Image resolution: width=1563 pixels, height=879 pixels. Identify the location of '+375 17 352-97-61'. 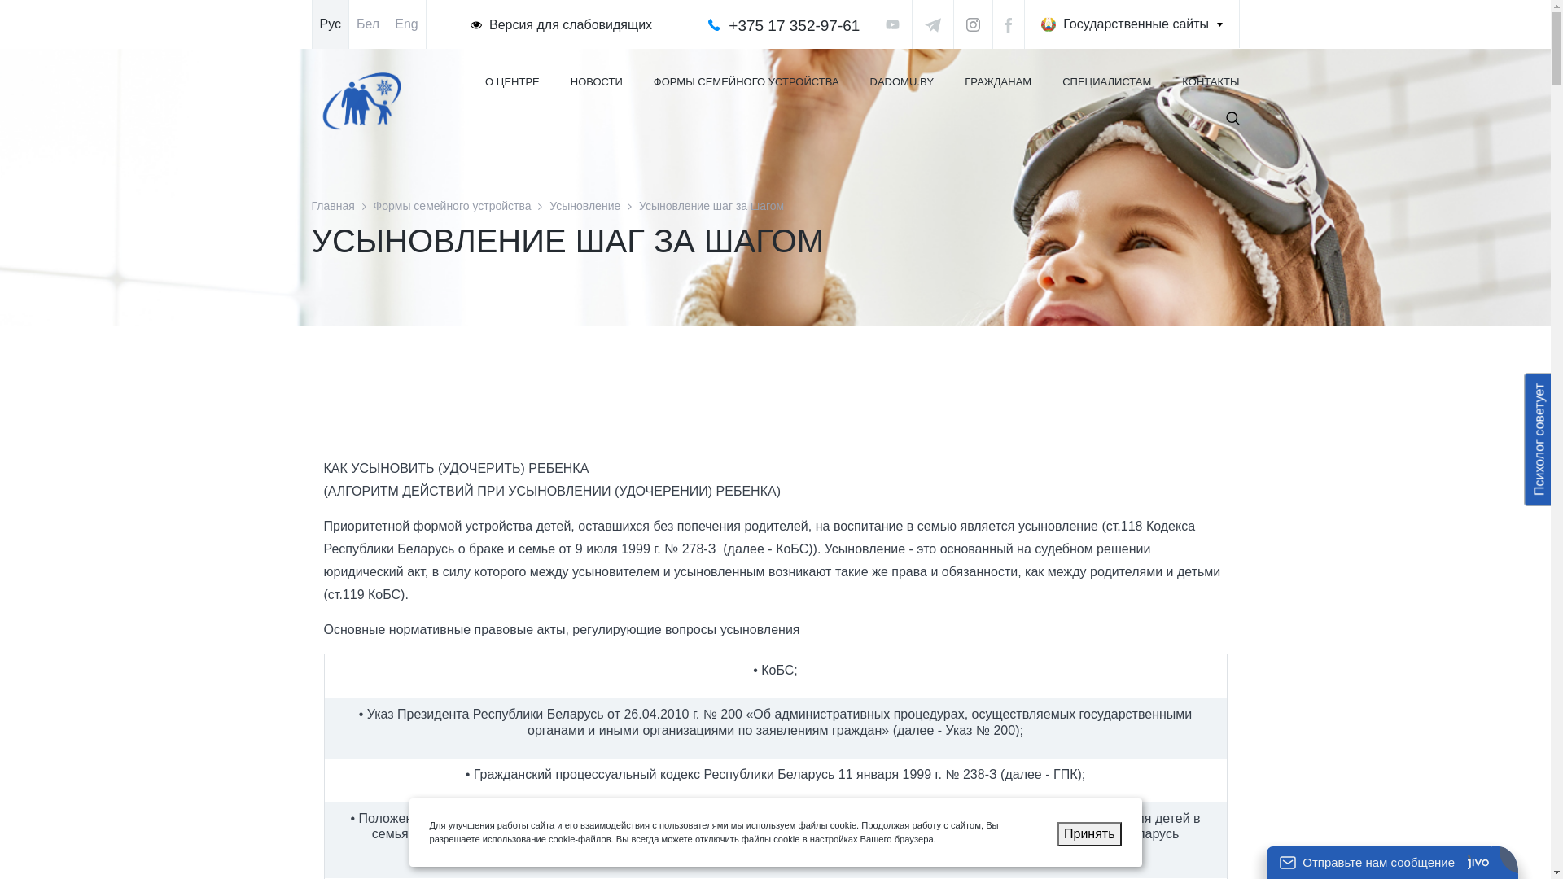
(727, 26).